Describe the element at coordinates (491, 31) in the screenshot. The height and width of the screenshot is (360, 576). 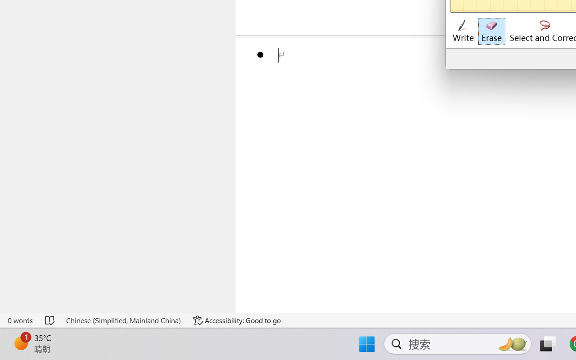
I see `'Erase'` at that location.